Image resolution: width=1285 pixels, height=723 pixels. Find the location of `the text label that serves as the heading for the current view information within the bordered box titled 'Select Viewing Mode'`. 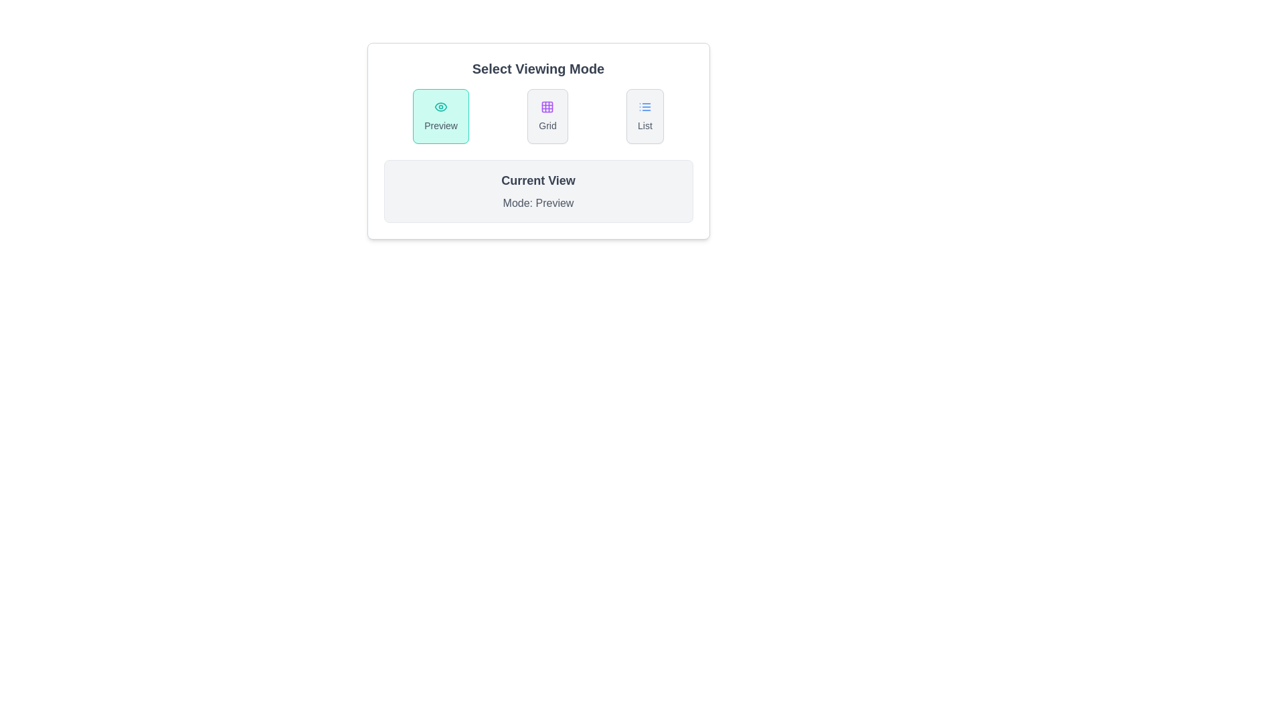

the text label that serves as the heading for the current view information within the bordered box titled 'Select Viewing Mode' is located at coordinates (538, 181).